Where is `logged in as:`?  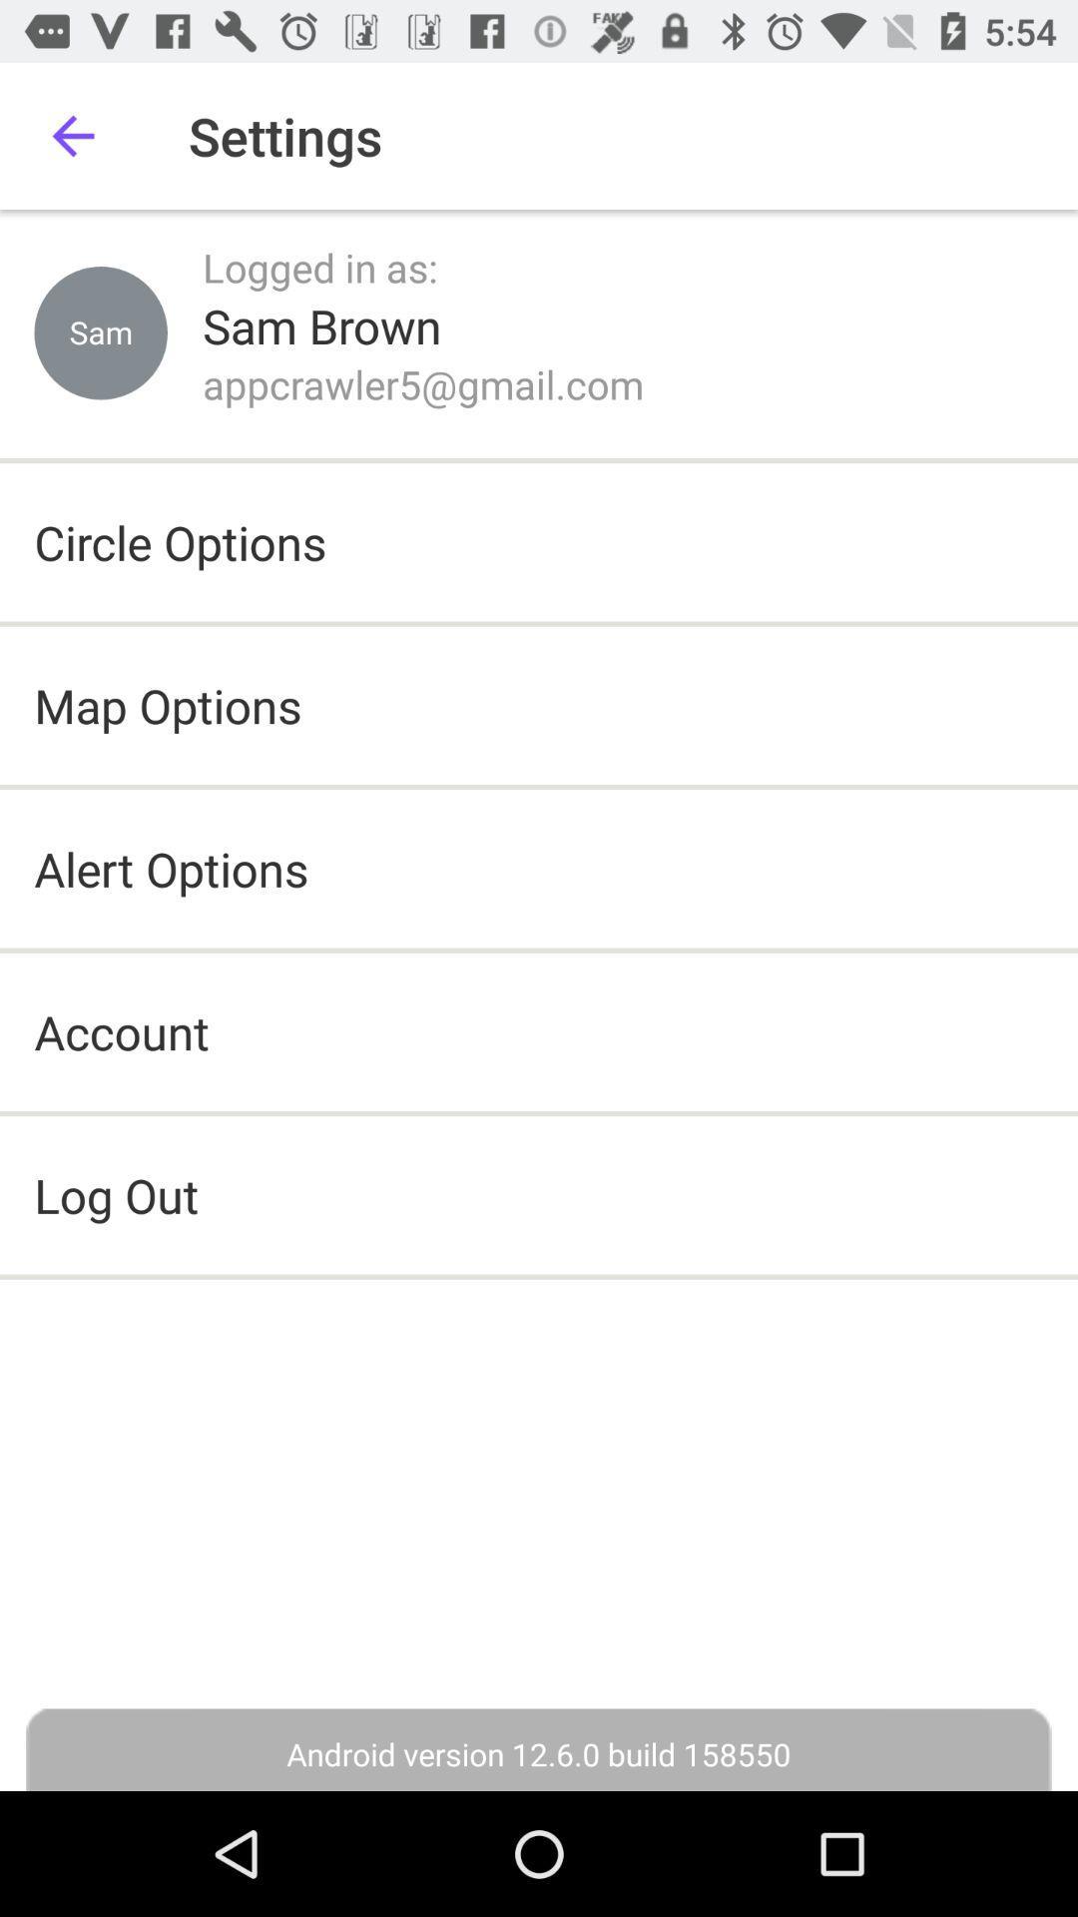
logged in as: is located at coordinates (318, 267).